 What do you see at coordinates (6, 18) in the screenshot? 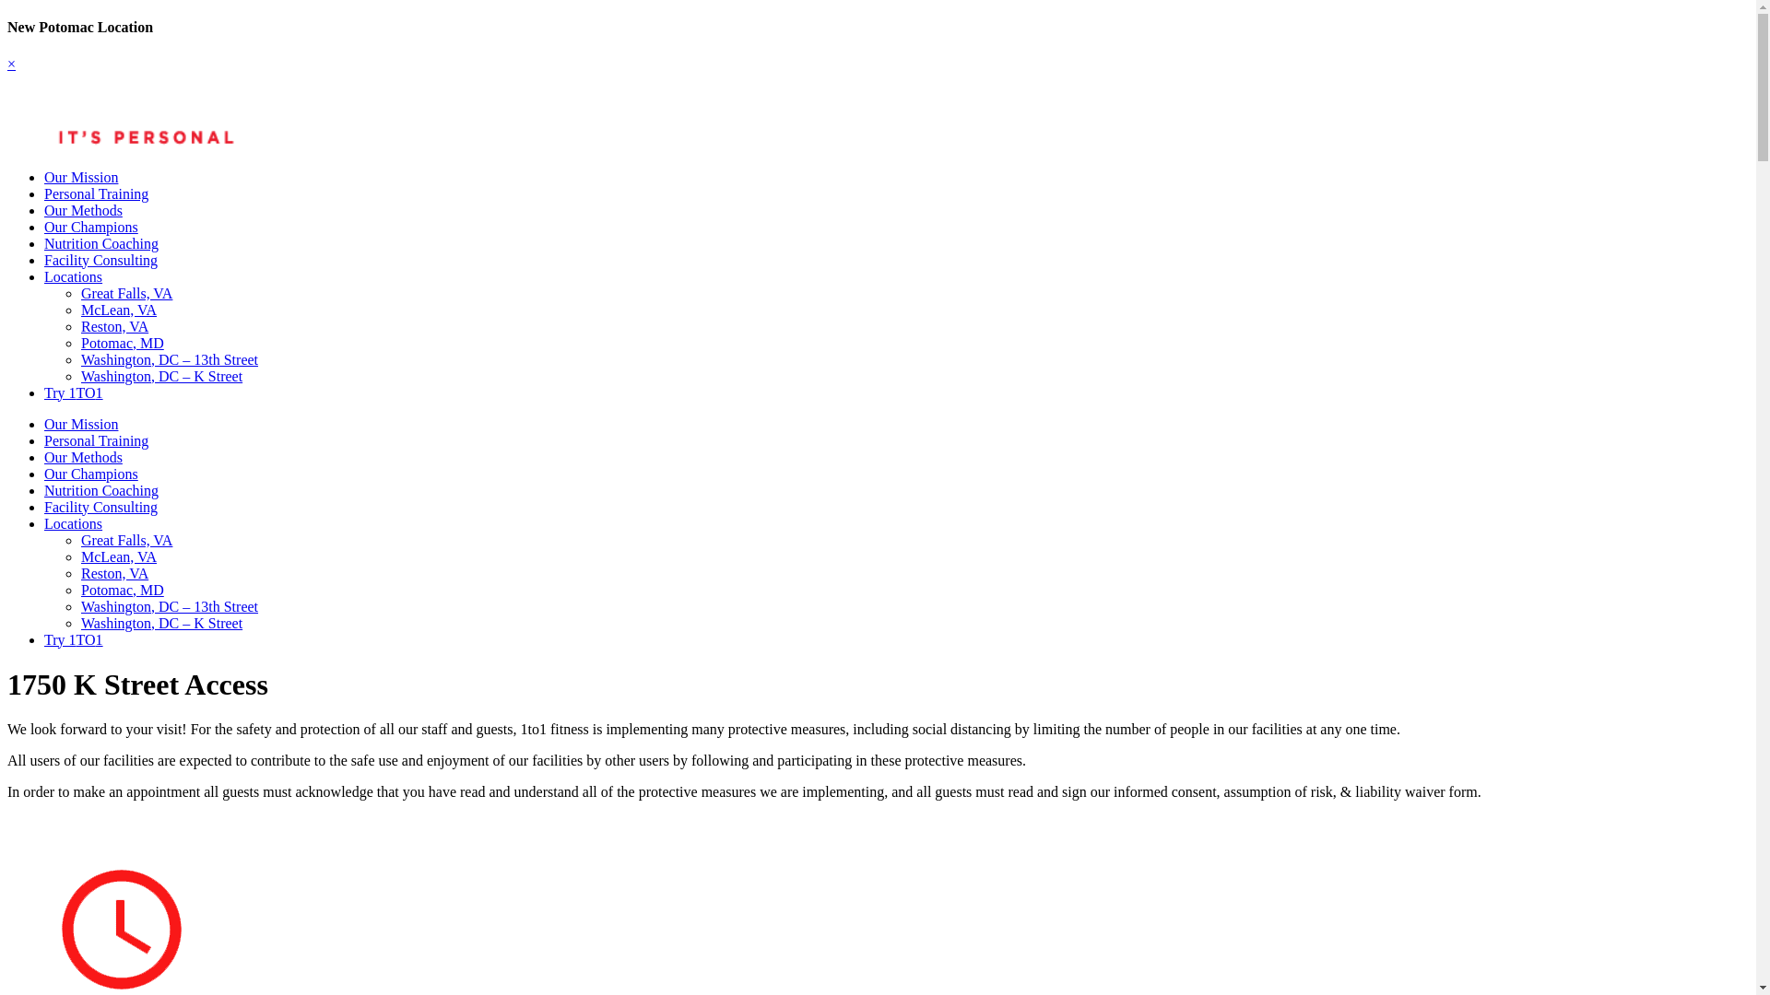
I see `'Skip to content'` at bounding box center [6, 18].